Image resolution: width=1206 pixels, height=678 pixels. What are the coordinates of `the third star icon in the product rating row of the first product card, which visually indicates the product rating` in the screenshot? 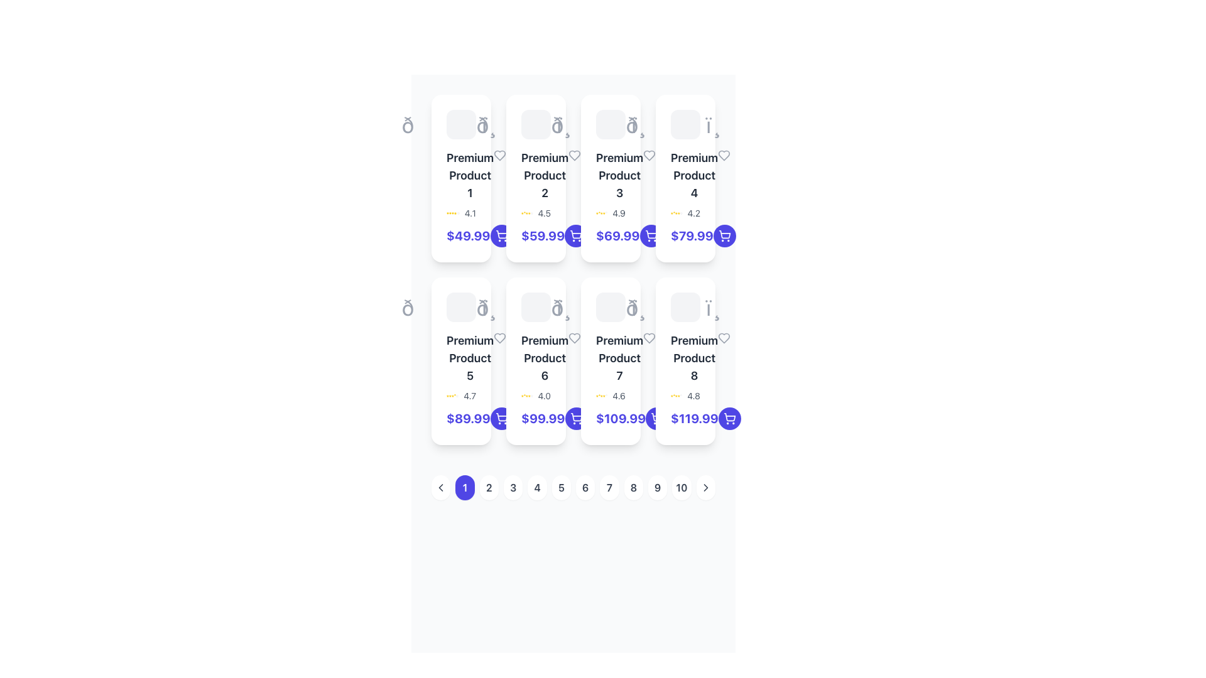 It's located at (452, 212).